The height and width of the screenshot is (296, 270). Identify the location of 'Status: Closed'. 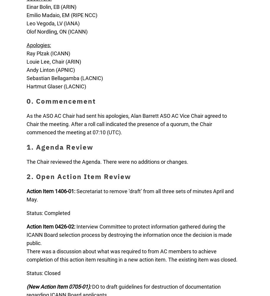
(43, 273).